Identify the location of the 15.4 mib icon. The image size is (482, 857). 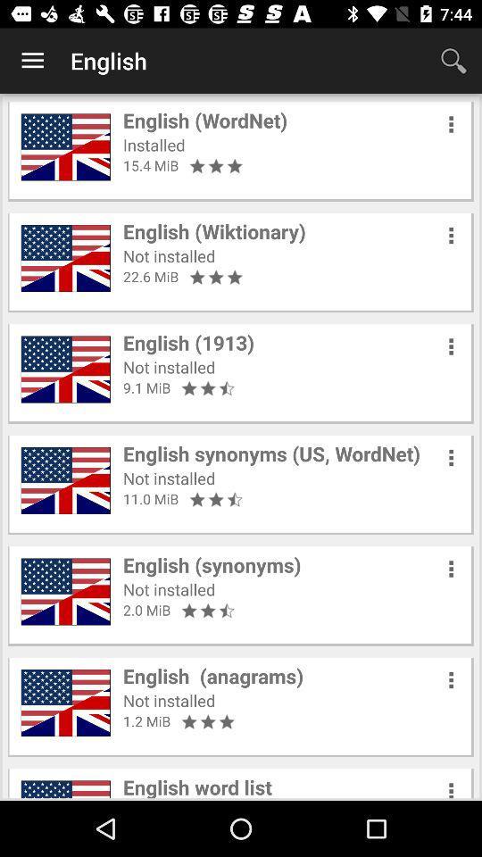
(150, 165).